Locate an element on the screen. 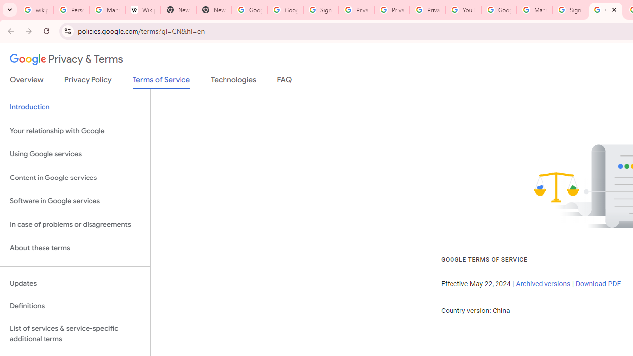 This screenshot has height=356, width=633. 'Google Drive: Sign-in' is located at coordinates (285, 10).